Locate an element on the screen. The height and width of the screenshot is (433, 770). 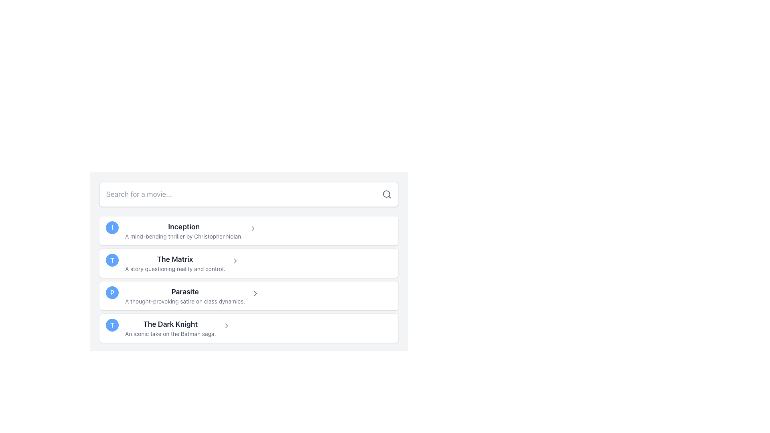
the search icon button located at the far right of the search bar is located at coordinates (387, 194).